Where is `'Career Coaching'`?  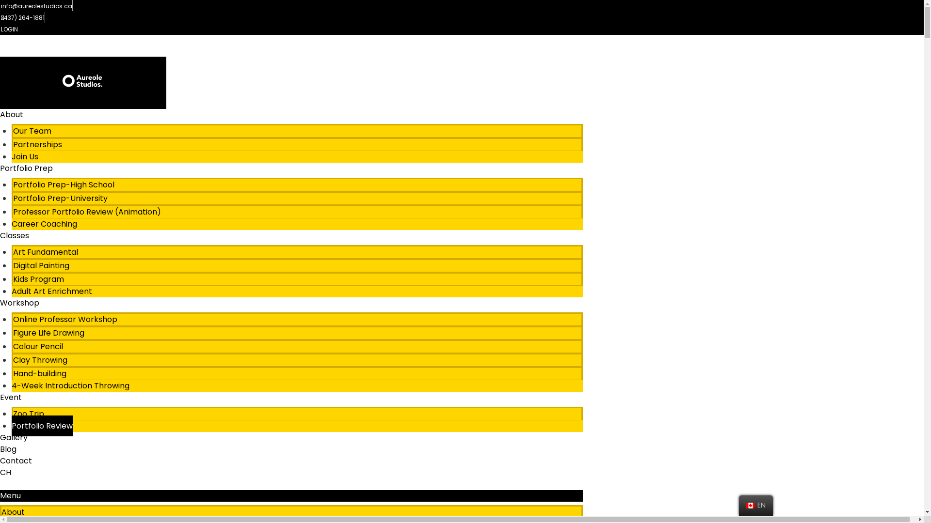 'Career Coaching' is located at coordinates (44, 224).